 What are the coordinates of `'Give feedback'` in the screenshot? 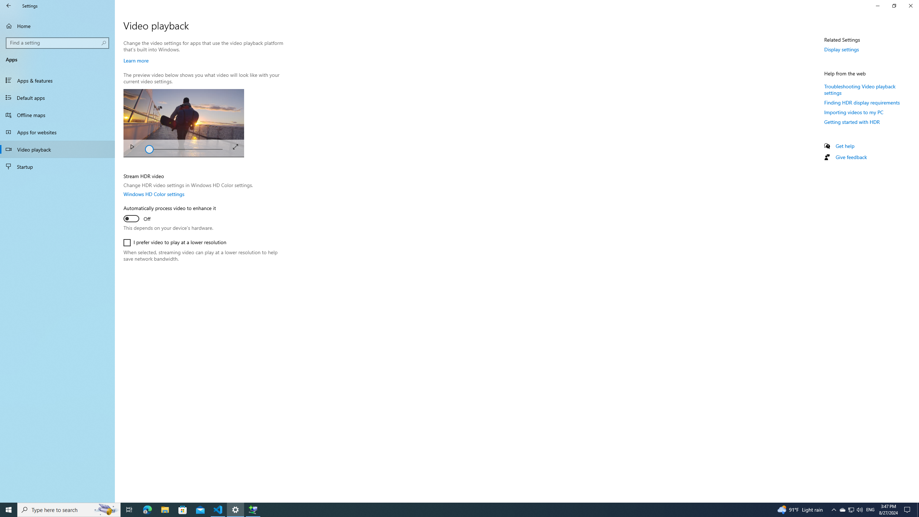 It's located at (850, 157).